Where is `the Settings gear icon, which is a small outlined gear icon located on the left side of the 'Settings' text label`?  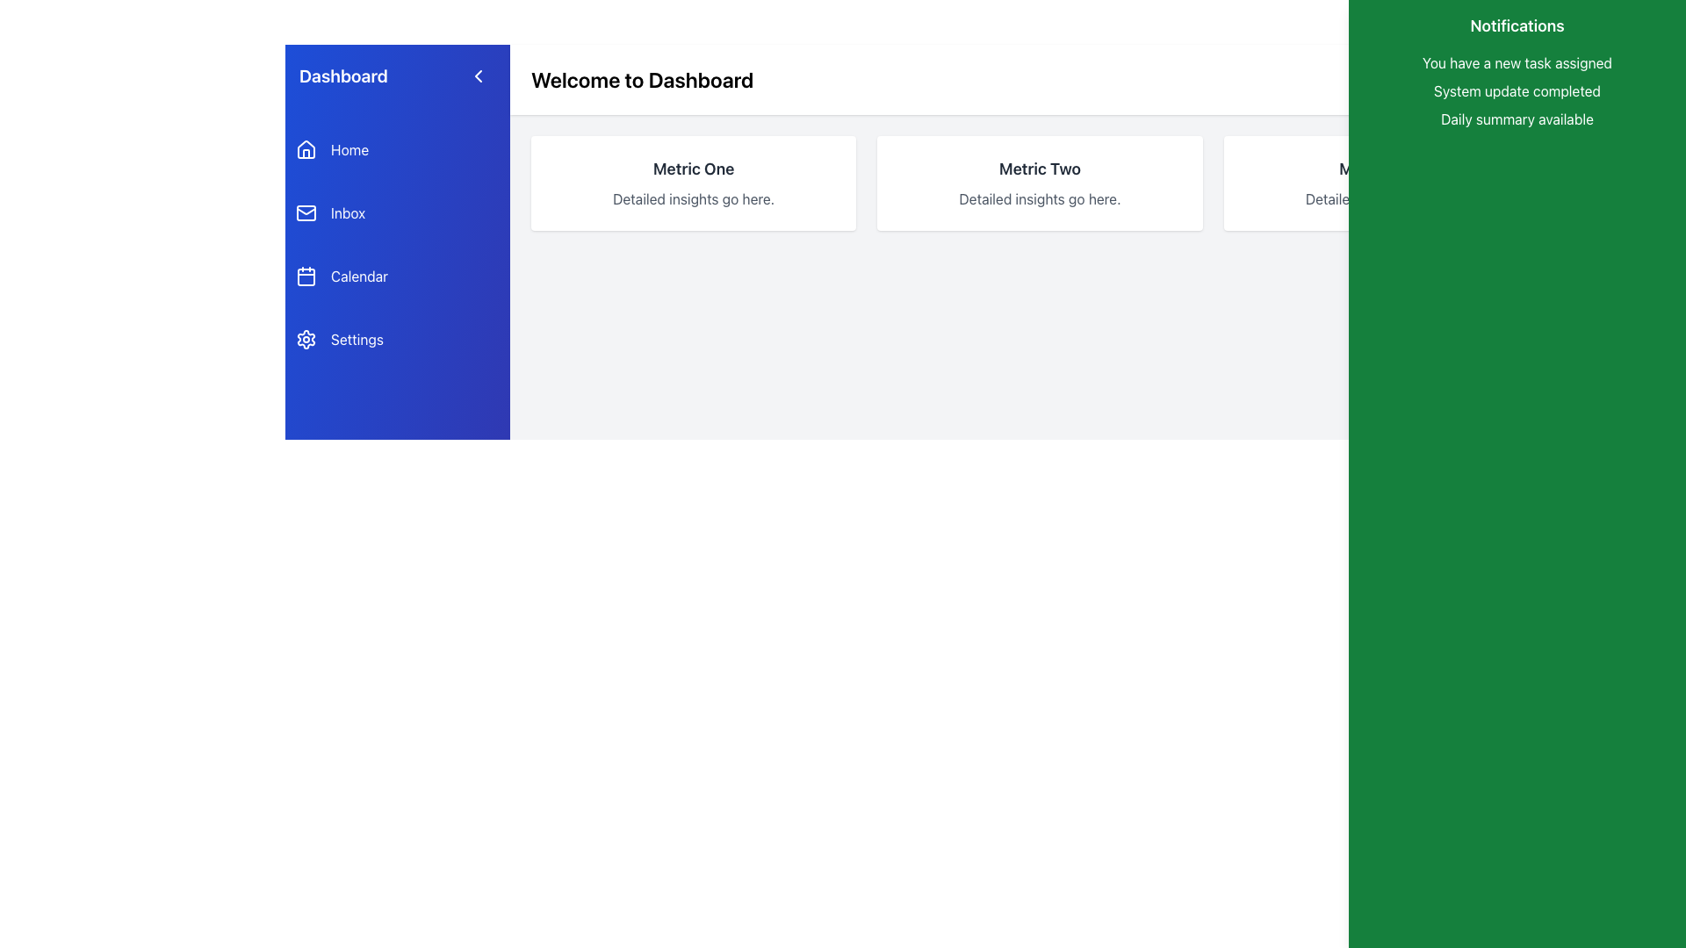
the Settings gear icon, which is a small outlined gear icon located on the left side of the 'Settings' text label is located at coordinates (306, 339).